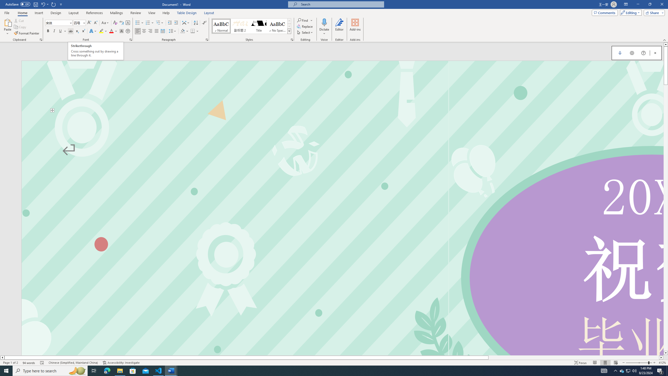  I want to click on 'Dictation Settings', so click(632, 53).